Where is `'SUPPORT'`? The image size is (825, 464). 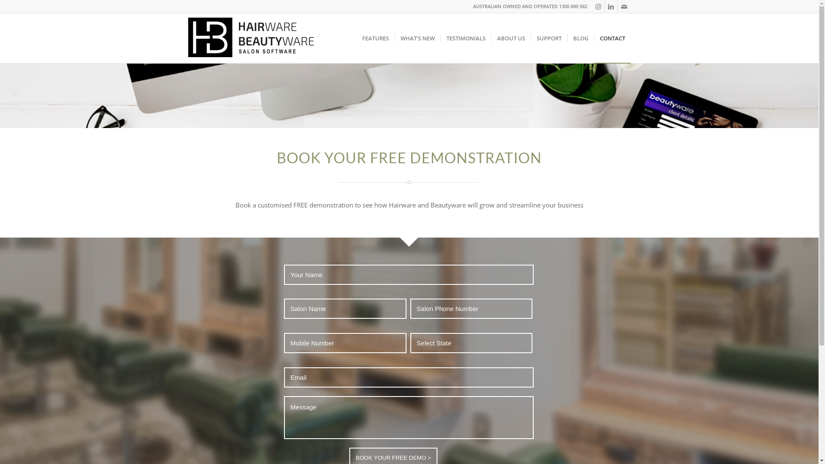 'SUPPORT' is located at coordinates (548, 37).